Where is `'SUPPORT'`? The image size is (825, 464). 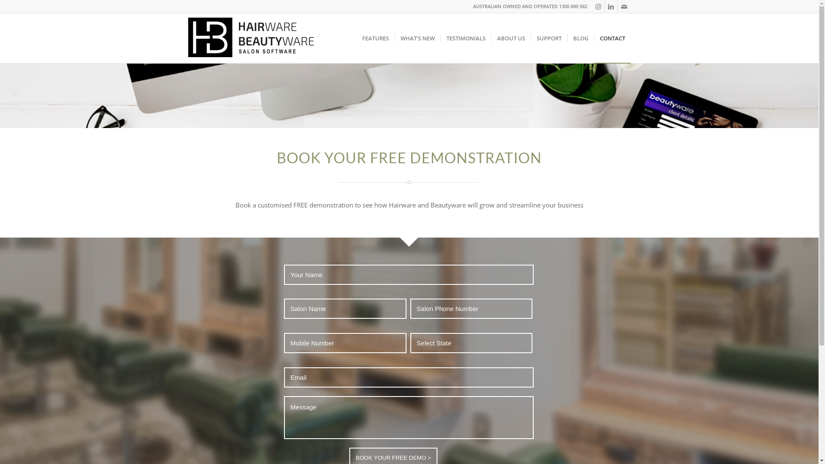 'SUPPORT' is located at coordinates (548, 37).